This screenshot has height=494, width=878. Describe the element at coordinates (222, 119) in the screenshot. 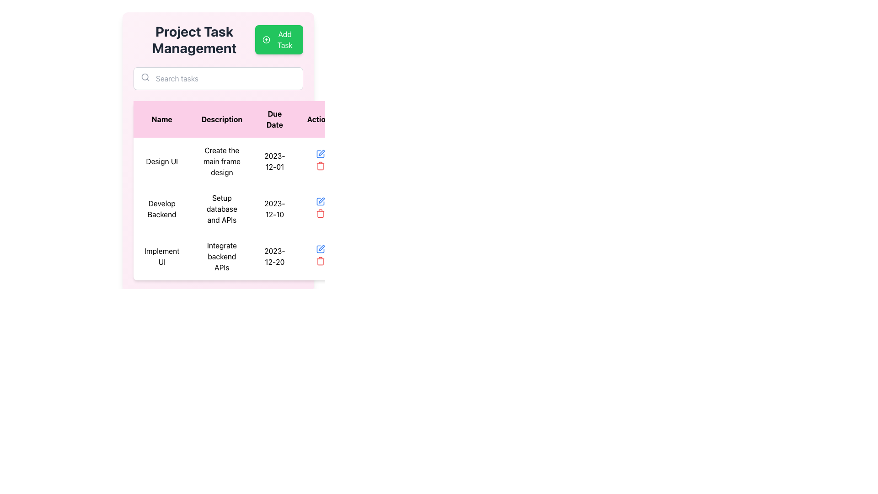

I see `the 'Description' text label, which is a bold black label centered within a pink background rectangle and part of the table header, located between the 'Name' and 'Due Date' labels` at that location.